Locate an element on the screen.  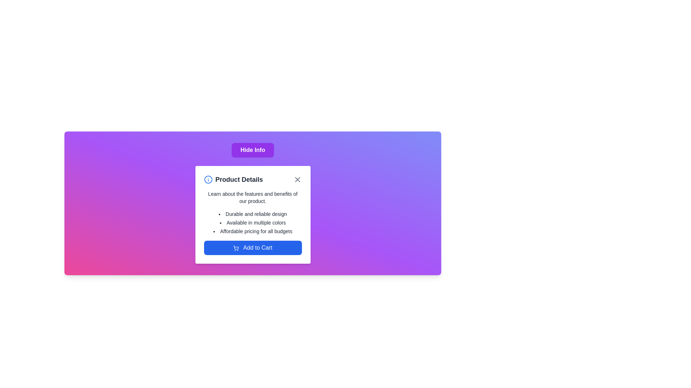
the 'Product Details' text label, which is styled in bold and large font, centrally aligned in a white, rounded-rectangle content box at the top of the interface is located at coordinates (239, 179).